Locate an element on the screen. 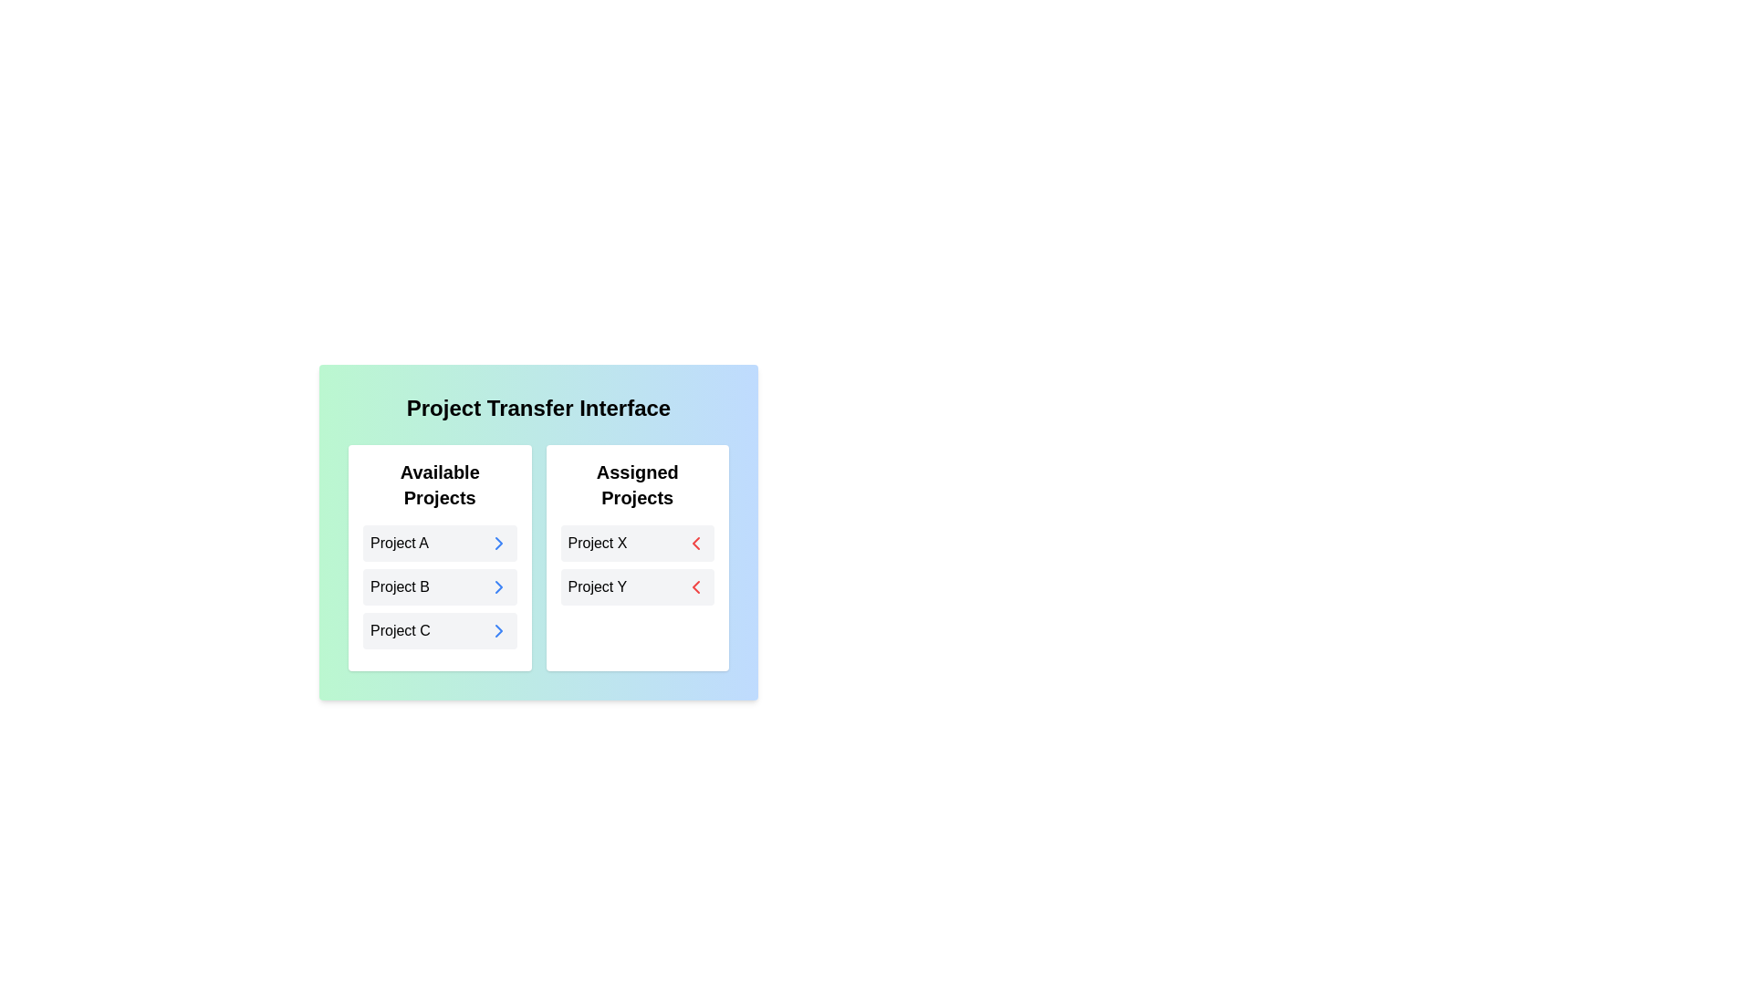 This screenshot has height=985, width=1752. the blue chevron button located immediately to the right of the 'Project B' text label is located at coordinates (498, 587).